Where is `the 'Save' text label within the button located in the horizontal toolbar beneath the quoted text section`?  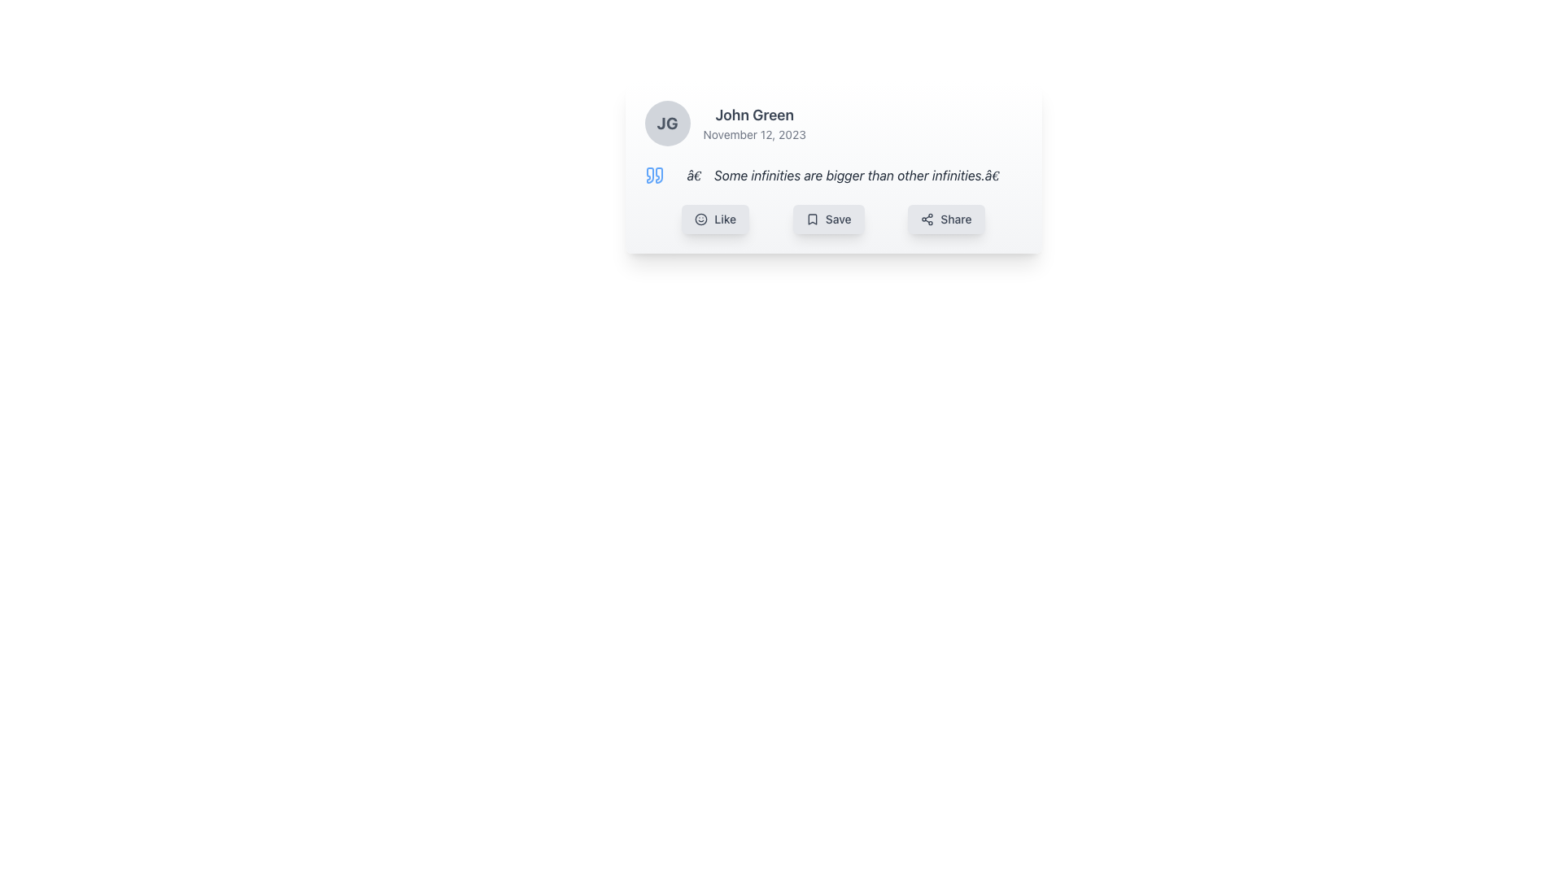 the 'Save' text label within the button located in the horizontal toolbar beneath the quoted text section is located at coordinates (838, 219).